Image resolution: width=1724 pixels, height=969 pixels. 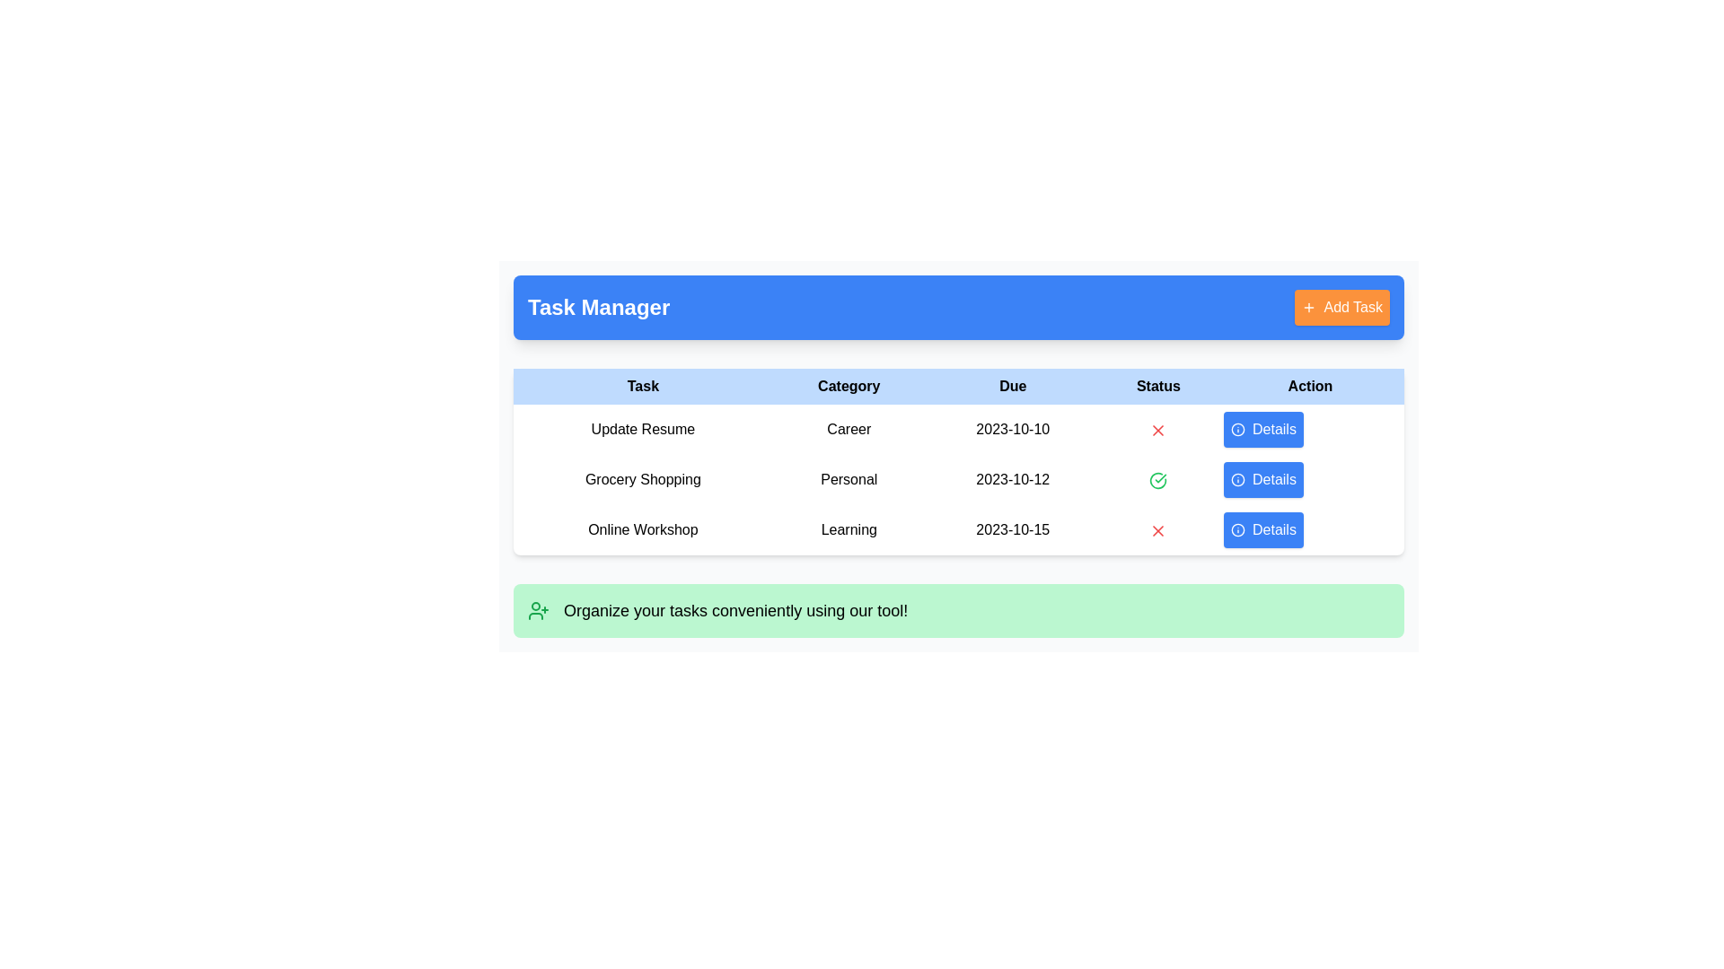 What do you see at coordinates (1013, 386) in the screenshot?
I see `the 'Due' column header in the table, which is the third cell in the header row located between 'Category' and 'Status'` at bounding box center [1013, 386].